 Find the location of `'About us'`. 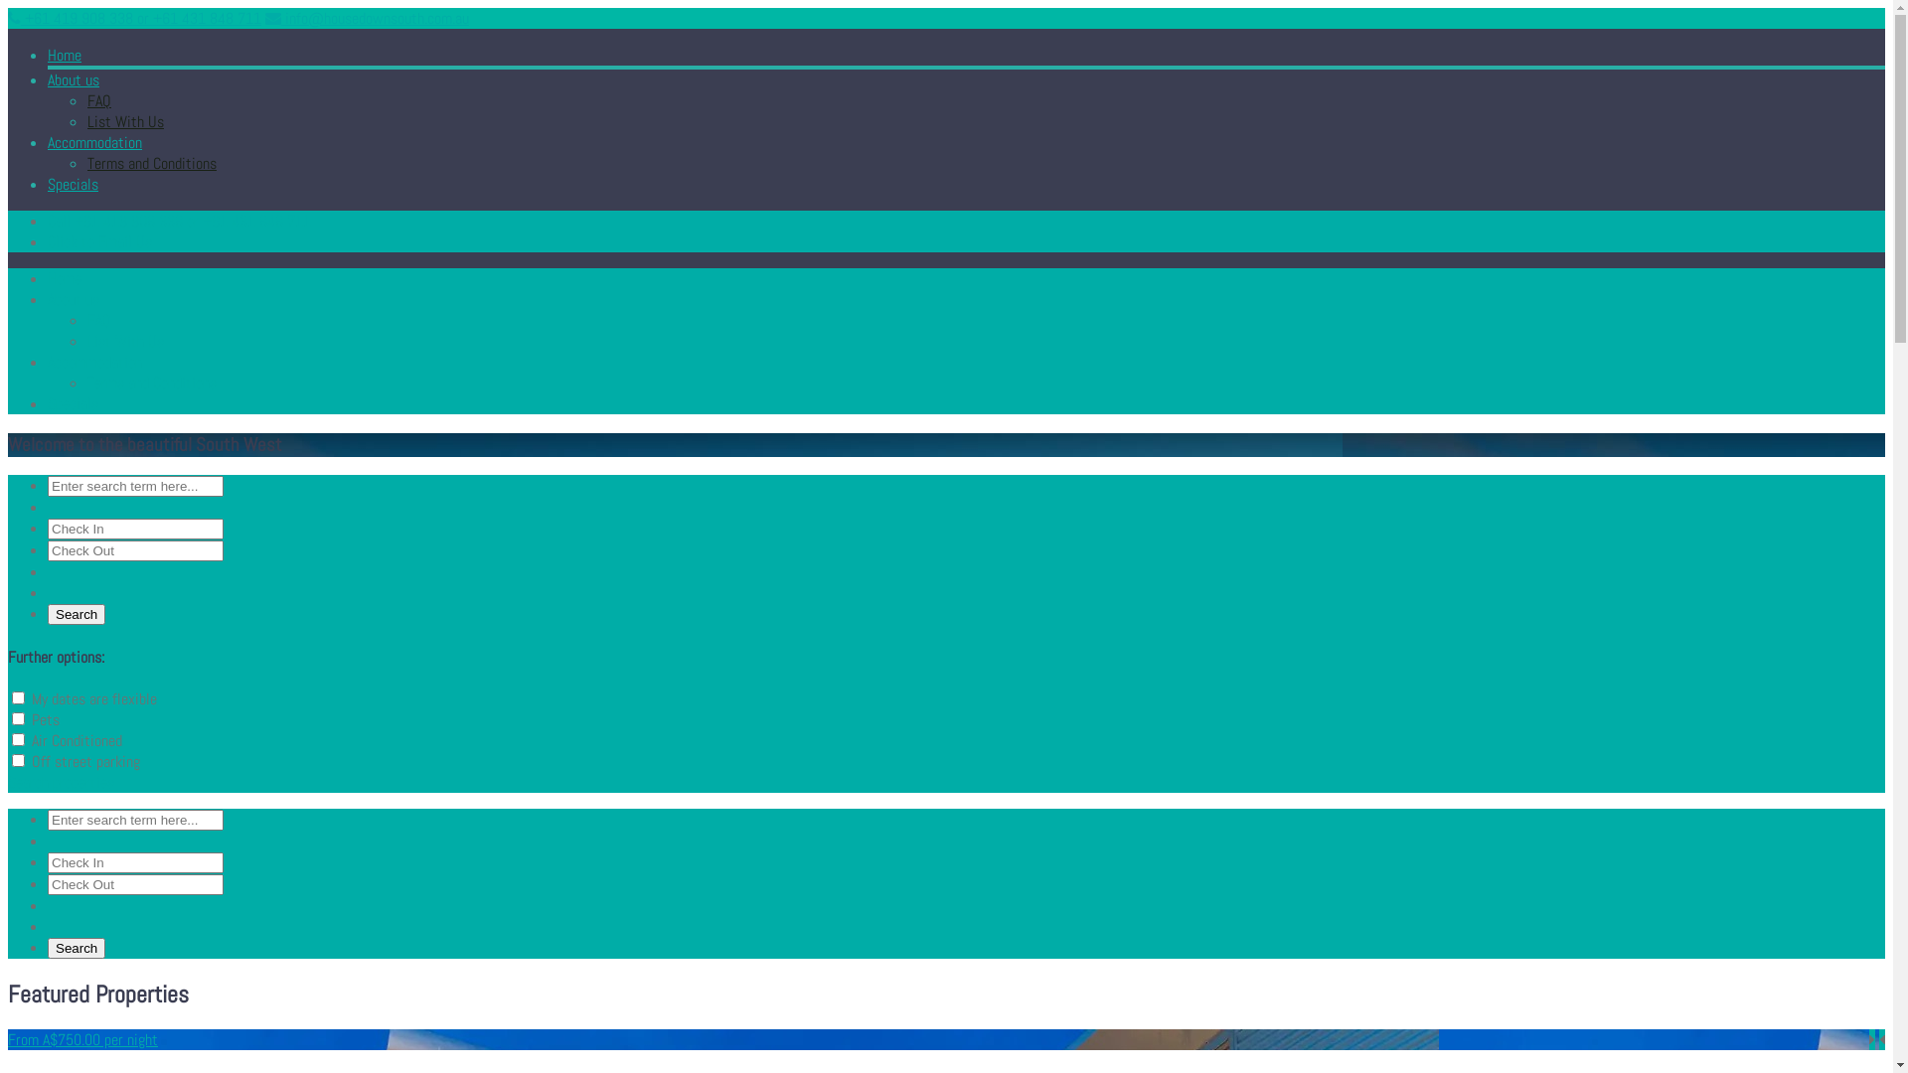

'About us' is located at coordinates (73, 78).